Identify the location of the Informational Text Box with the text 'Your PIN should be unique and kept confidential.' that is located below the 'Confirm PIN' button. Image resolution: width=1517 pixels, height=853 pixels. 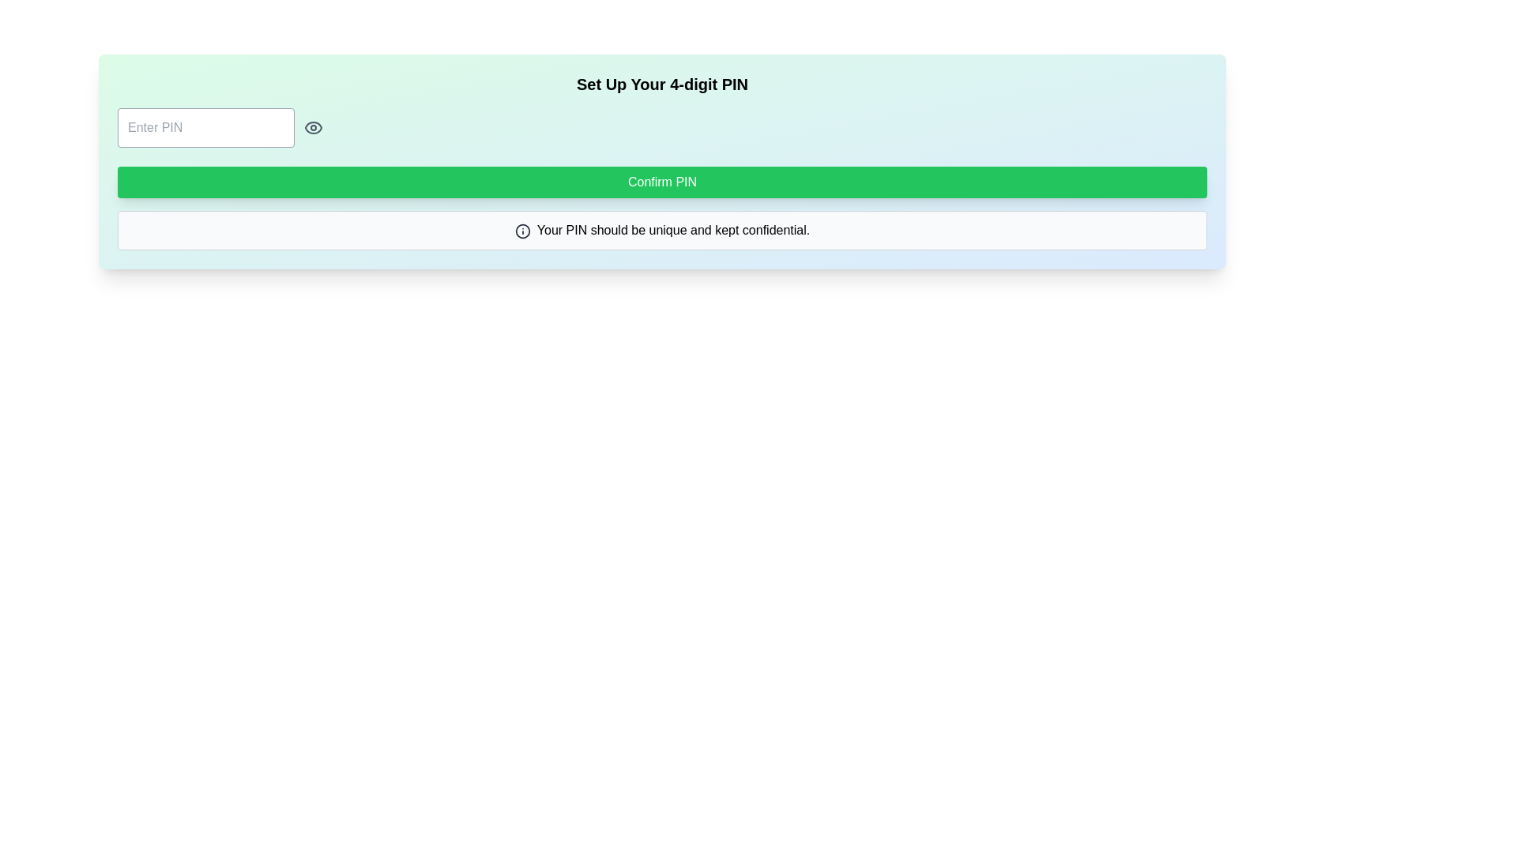
(662, 231).